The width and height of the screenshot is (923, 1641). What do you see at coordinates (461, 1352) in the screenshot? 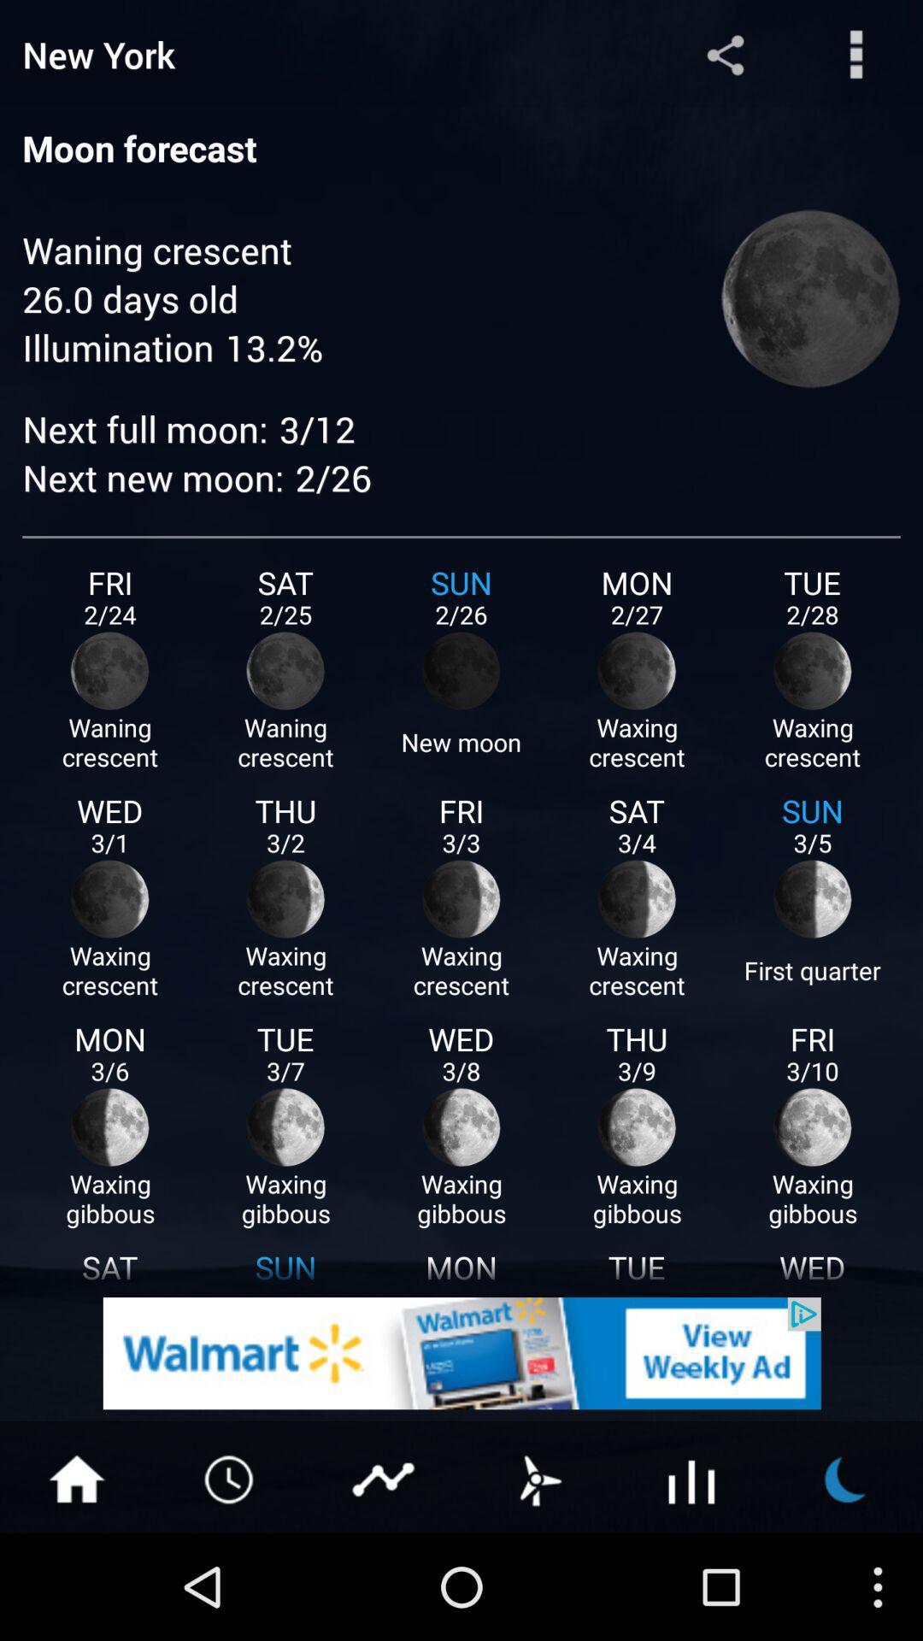
I see `click the advertisement` at bounding box center [461, 1352].